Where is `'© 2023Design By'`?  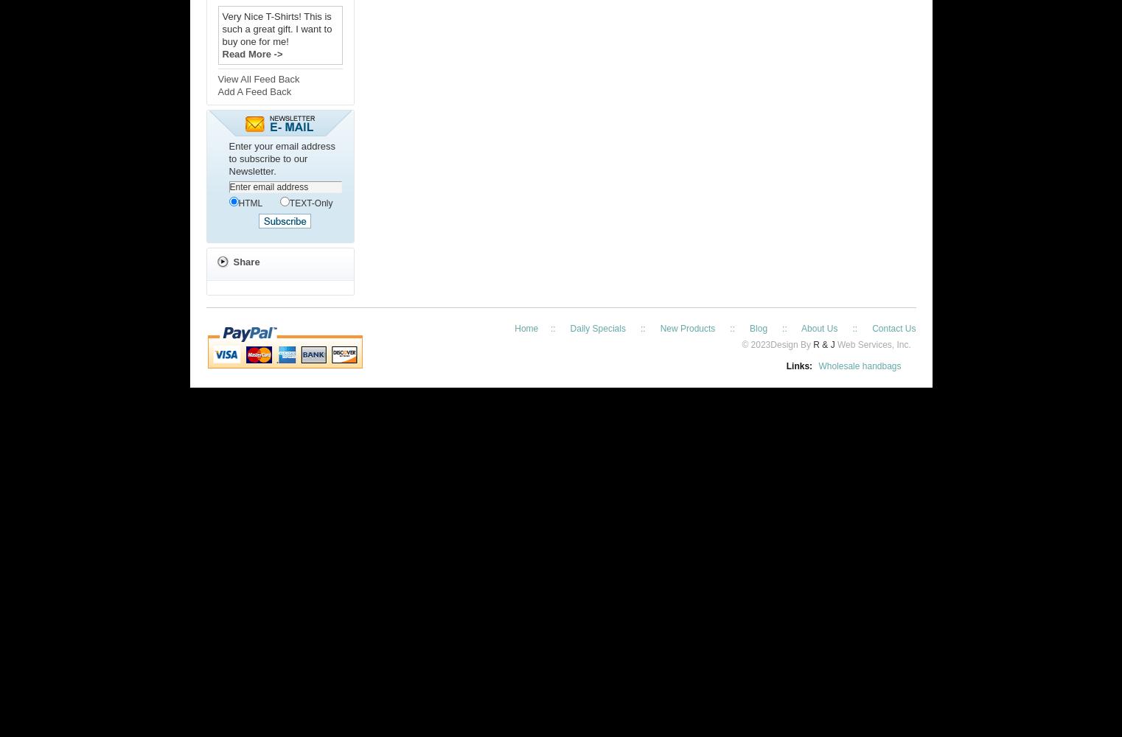 '© 2023Design By' is located at coordinates (777, 344).